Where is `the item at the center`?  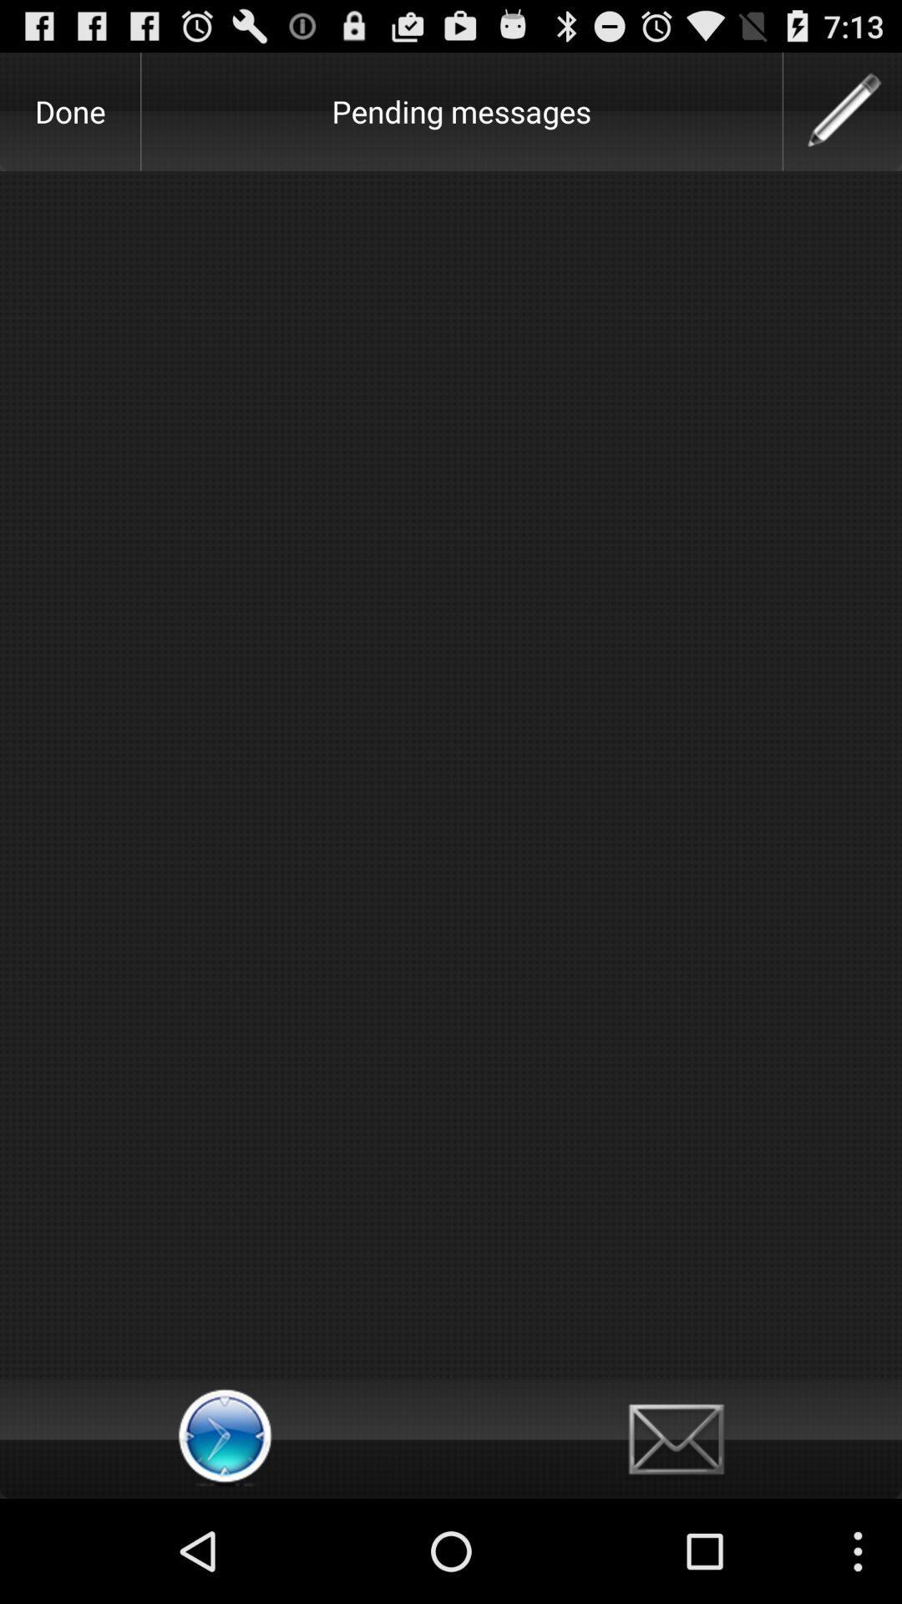
the item at the center is located at coordinates (451, 774).